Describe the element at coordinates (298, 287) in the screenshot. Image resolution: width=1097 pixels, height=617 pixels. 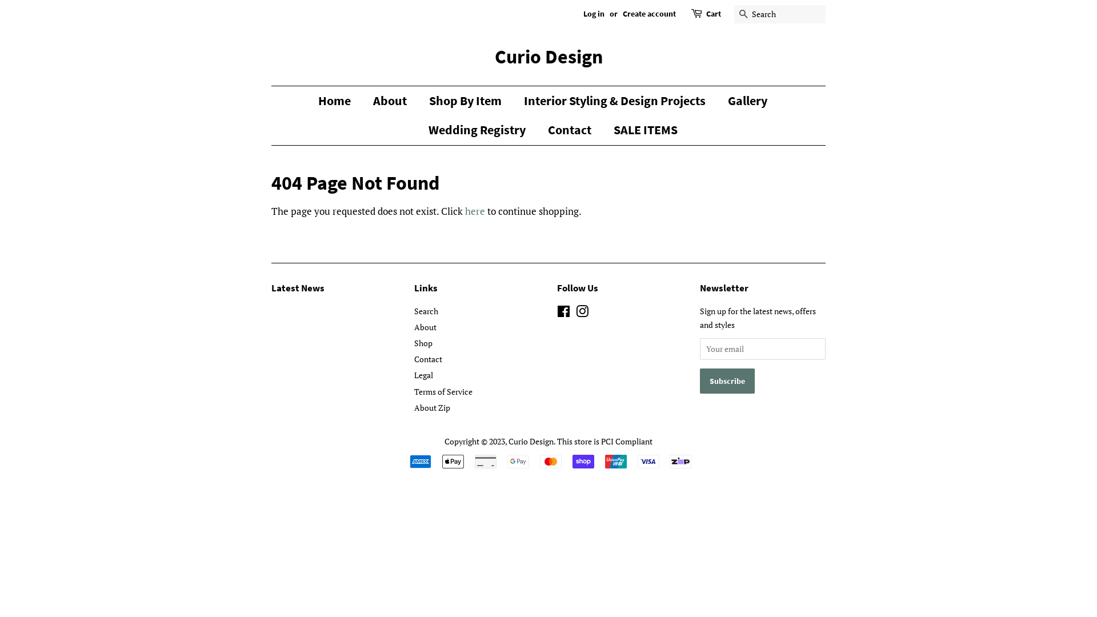
I see `'Latest News'` at that location.